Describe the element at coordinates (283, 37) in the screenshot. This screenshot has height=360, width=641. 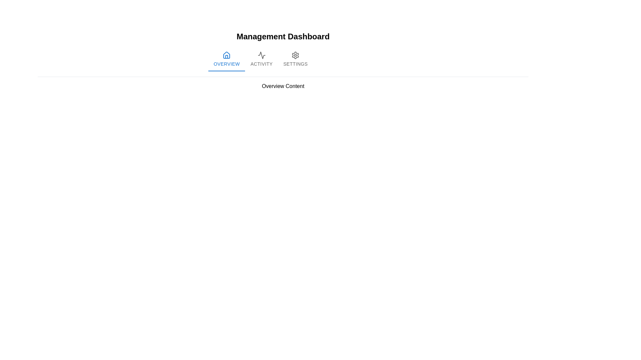
I see `the Text Header element located at the top center of the page, which serves as the title for the management dashboard section` at that location.